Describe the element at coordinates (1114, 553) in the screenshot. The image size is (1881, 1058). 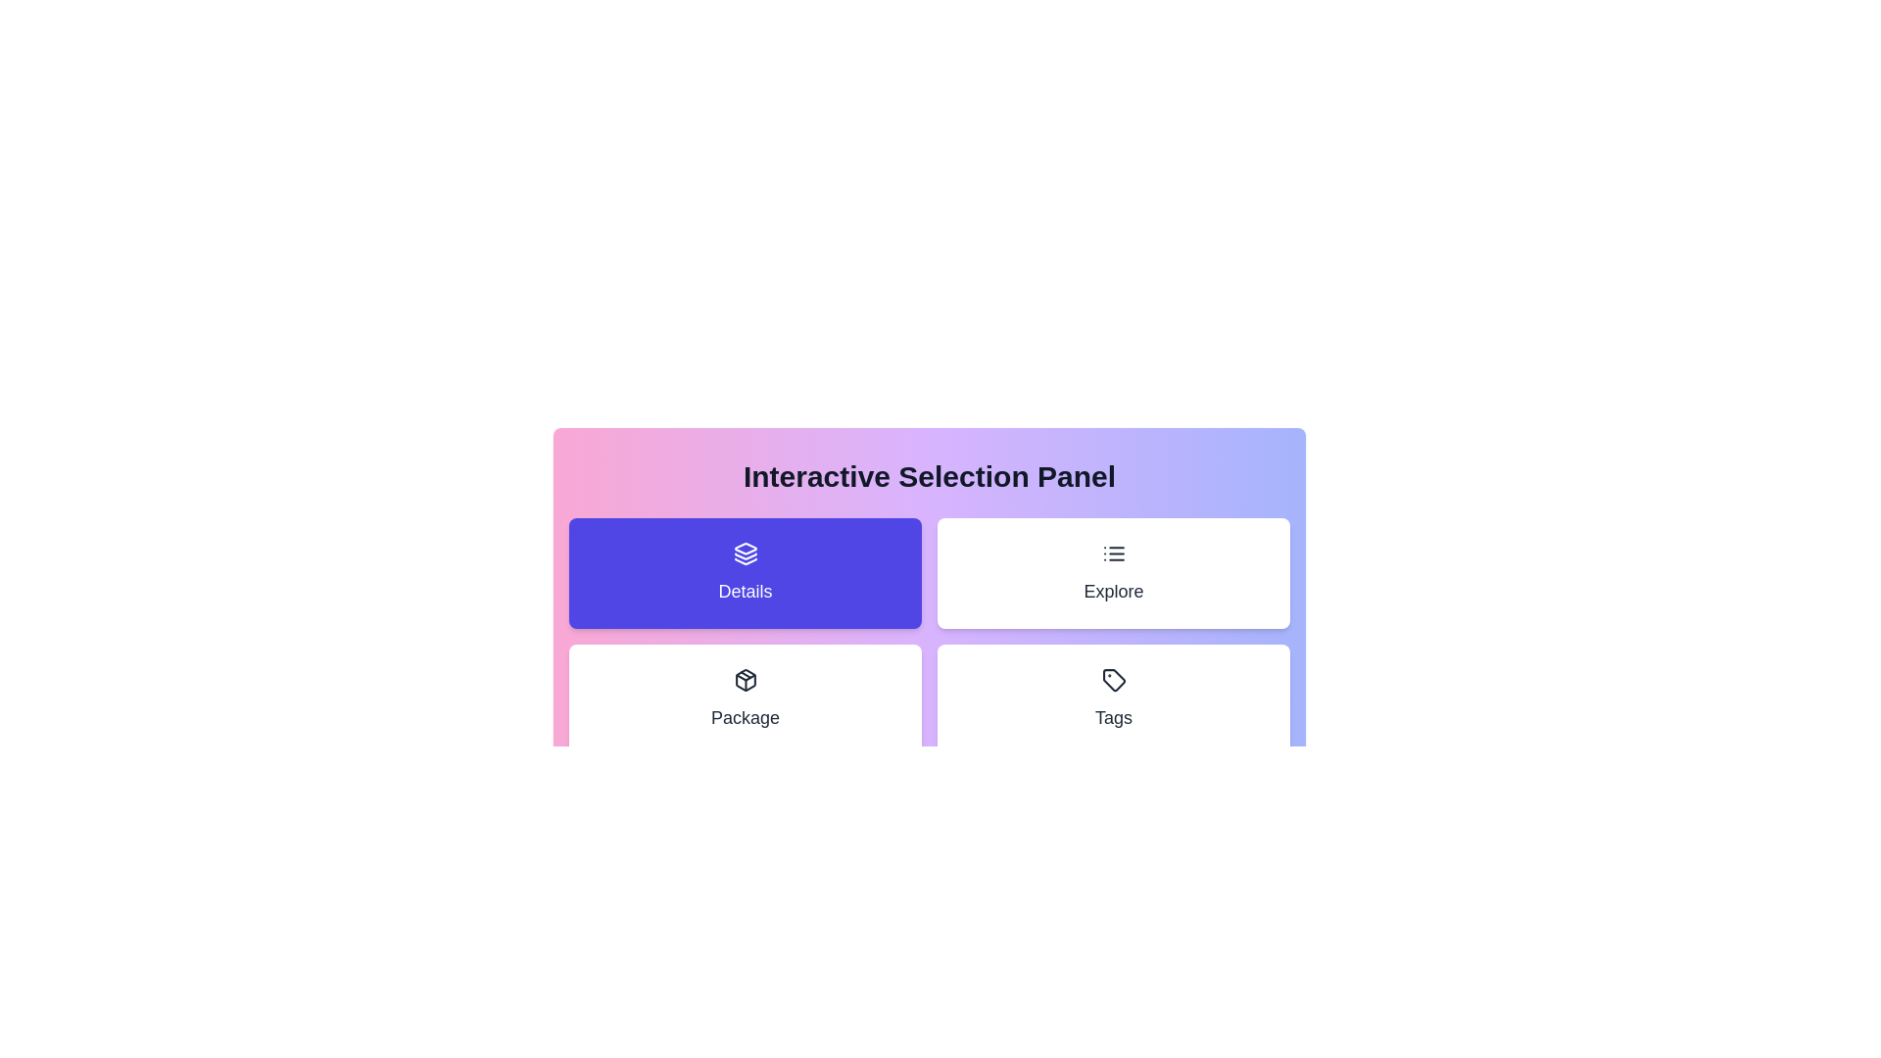
I see `the icon representing the list view or hierarchical structure located at the upper part of the 'Explore' tile in the top-right corner of the grid layout` at that location.